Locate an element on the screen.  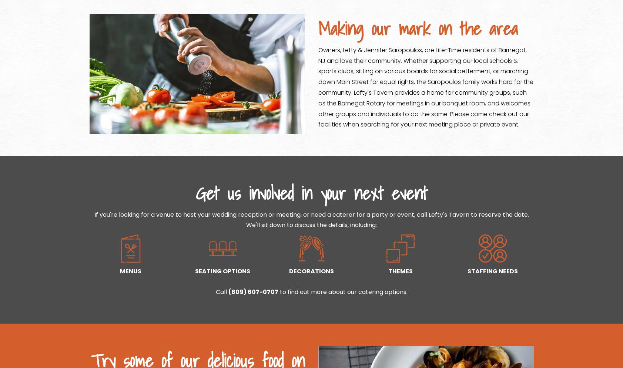
'DECORATIONS' is located at coordinates (311, 271).